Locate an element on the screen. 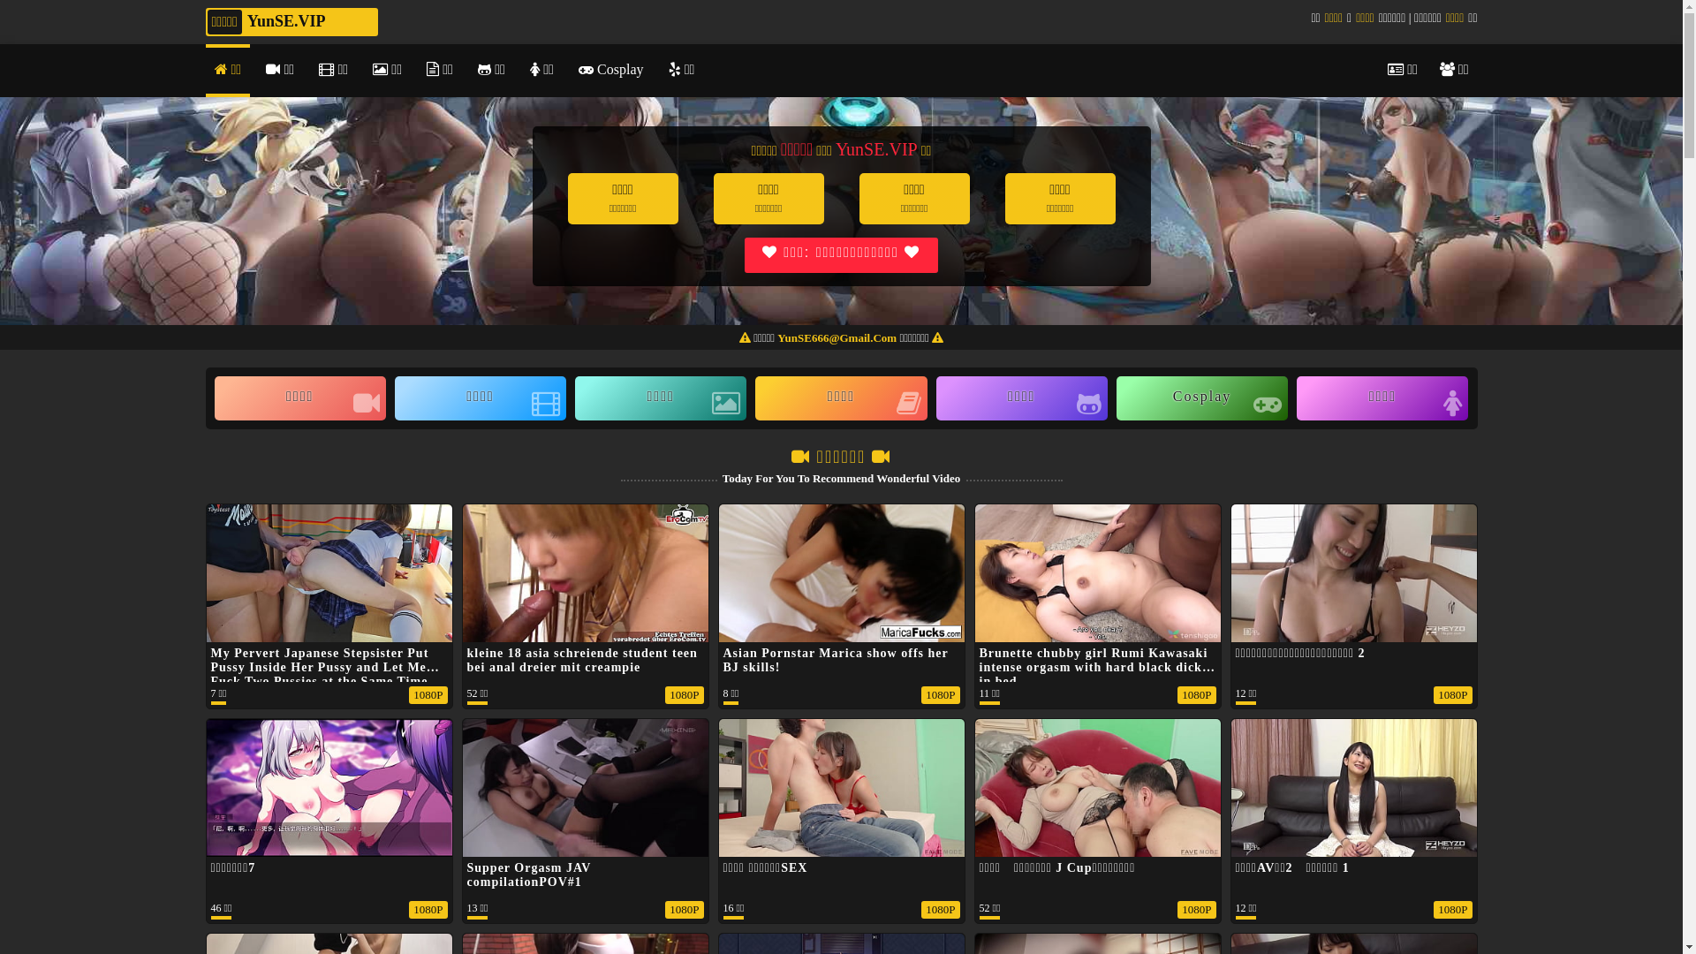 This screenshot has height=954, width=1696. 'Cosplay' is located at coordinates (569, 70).